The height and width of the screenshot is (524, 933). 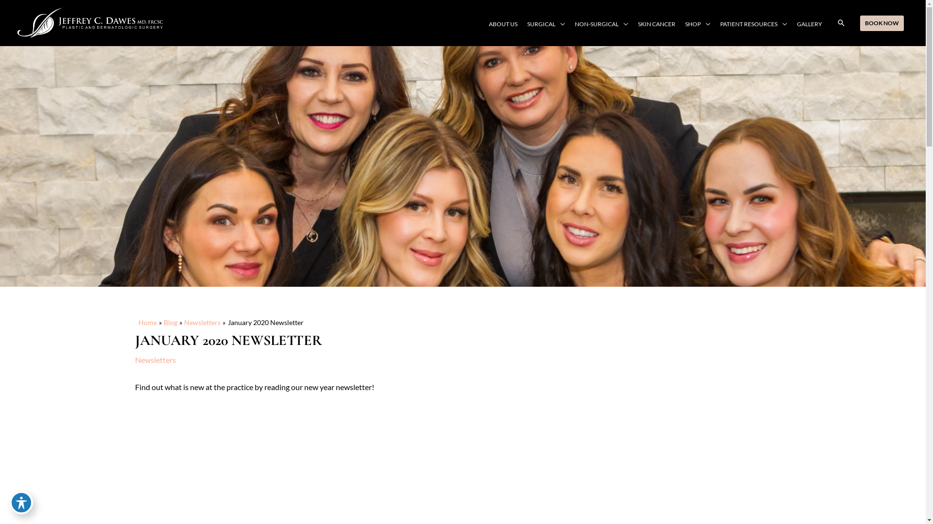 What do you see at coordinates (146, 322) in the screenshot?
I see `'Home'` at bounding box center [146, 322].